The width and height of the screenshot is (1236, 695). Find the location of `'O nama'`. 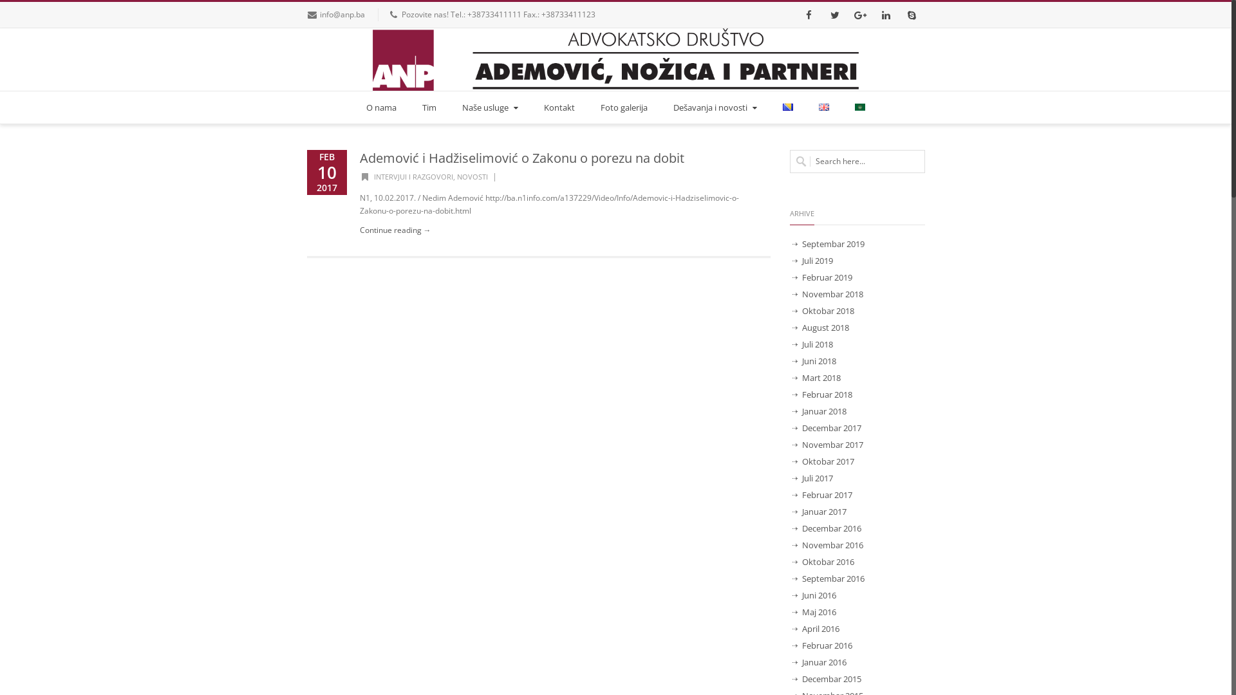

'O nama' is located at coordinates (380, 106).